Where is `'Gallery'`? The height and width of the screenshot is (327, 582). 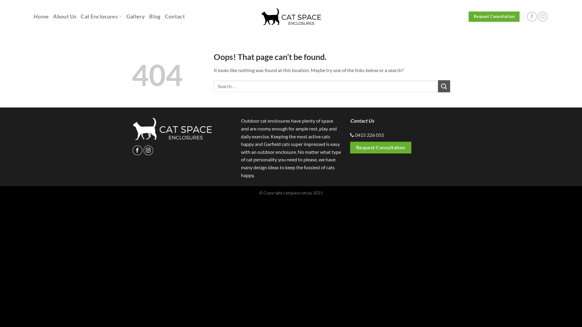 'Gallery' is located at coordinates (126, 16).